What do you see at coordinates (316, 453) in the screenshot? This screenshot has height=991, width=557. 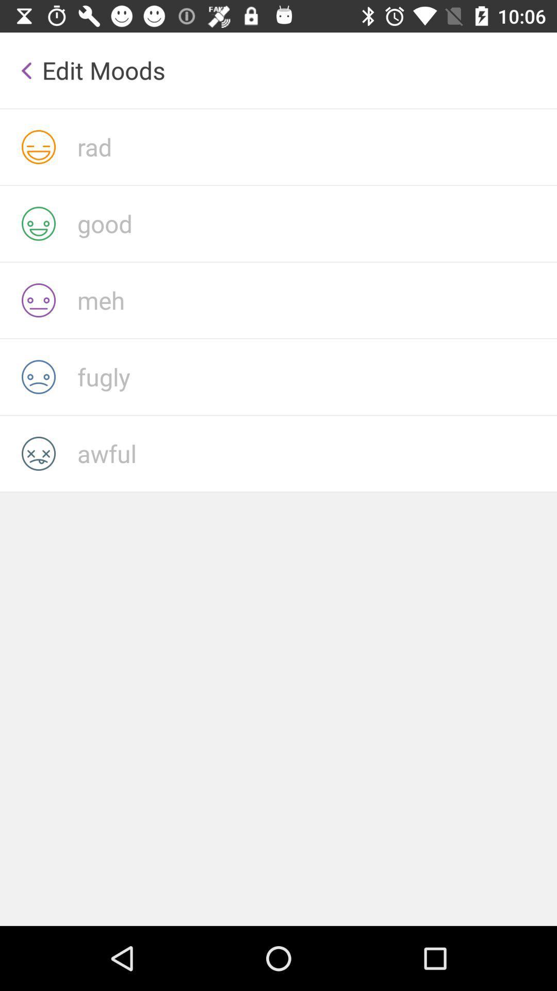 I see `type in another mood` at bounding box center [316, 453].